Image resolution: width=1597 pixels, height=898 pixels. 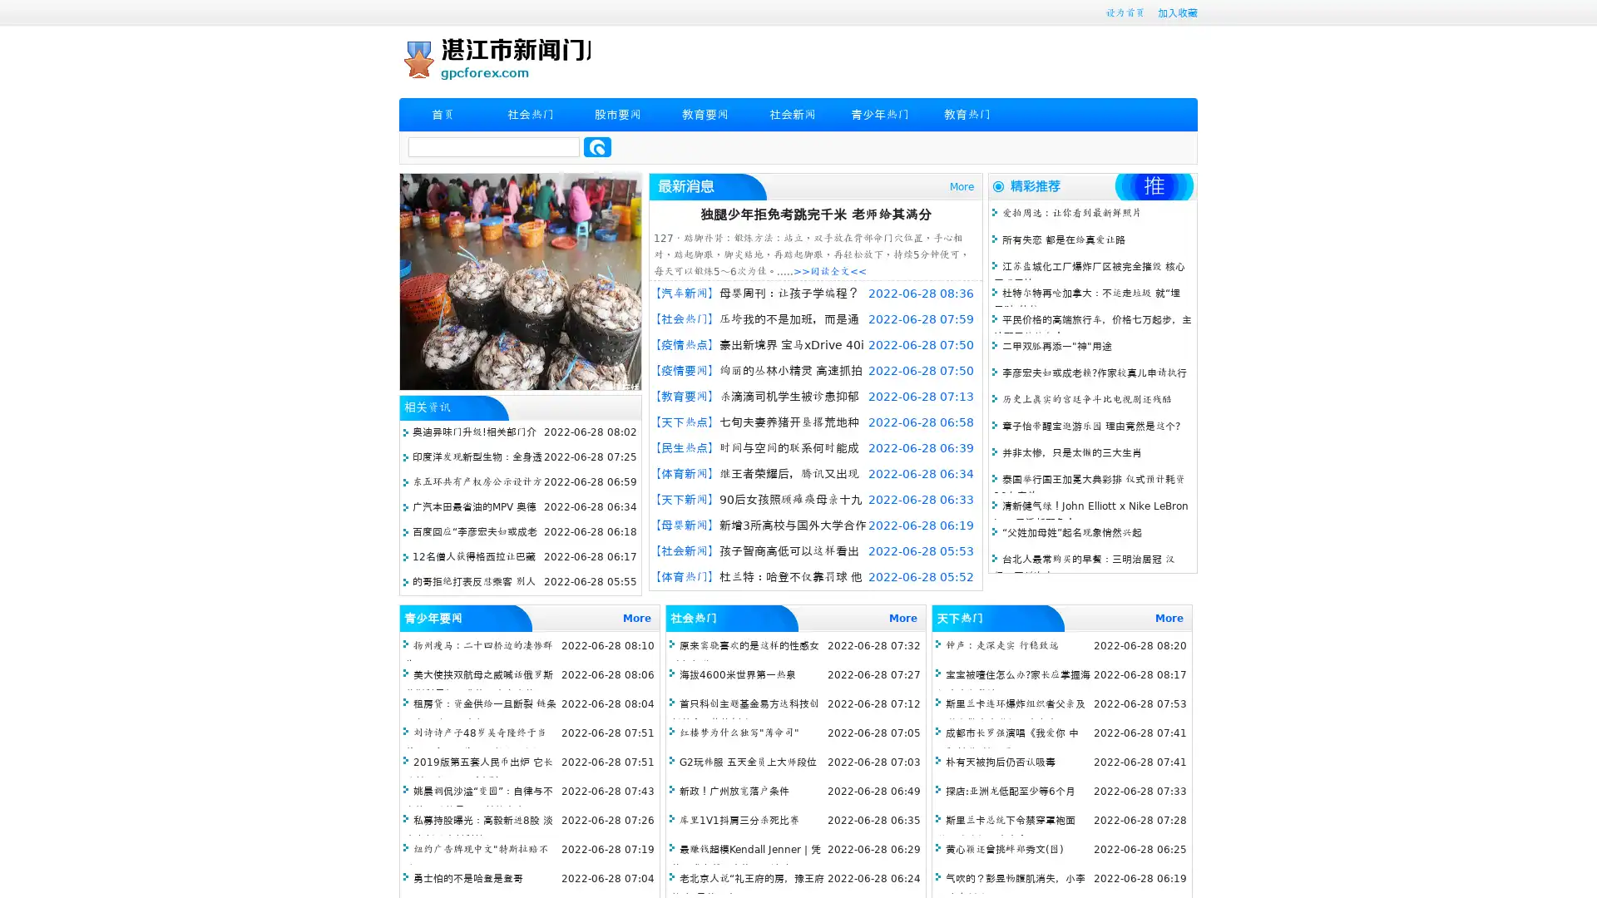 What do you see at coordinates (597, 146) in the screenshot?
I see `Search` at bounding box center [597, 146].